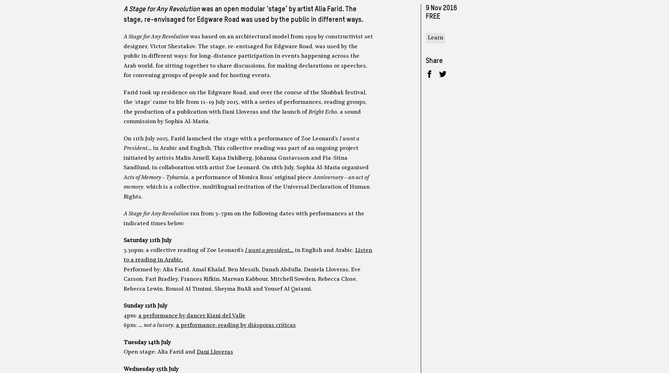 This screenshot has width=669, height=373. What do you see at coordinates (175, 325) in the screenshot?
I see `'a performance-reading by diásporas críticas'` at bounding box center [175, 325].